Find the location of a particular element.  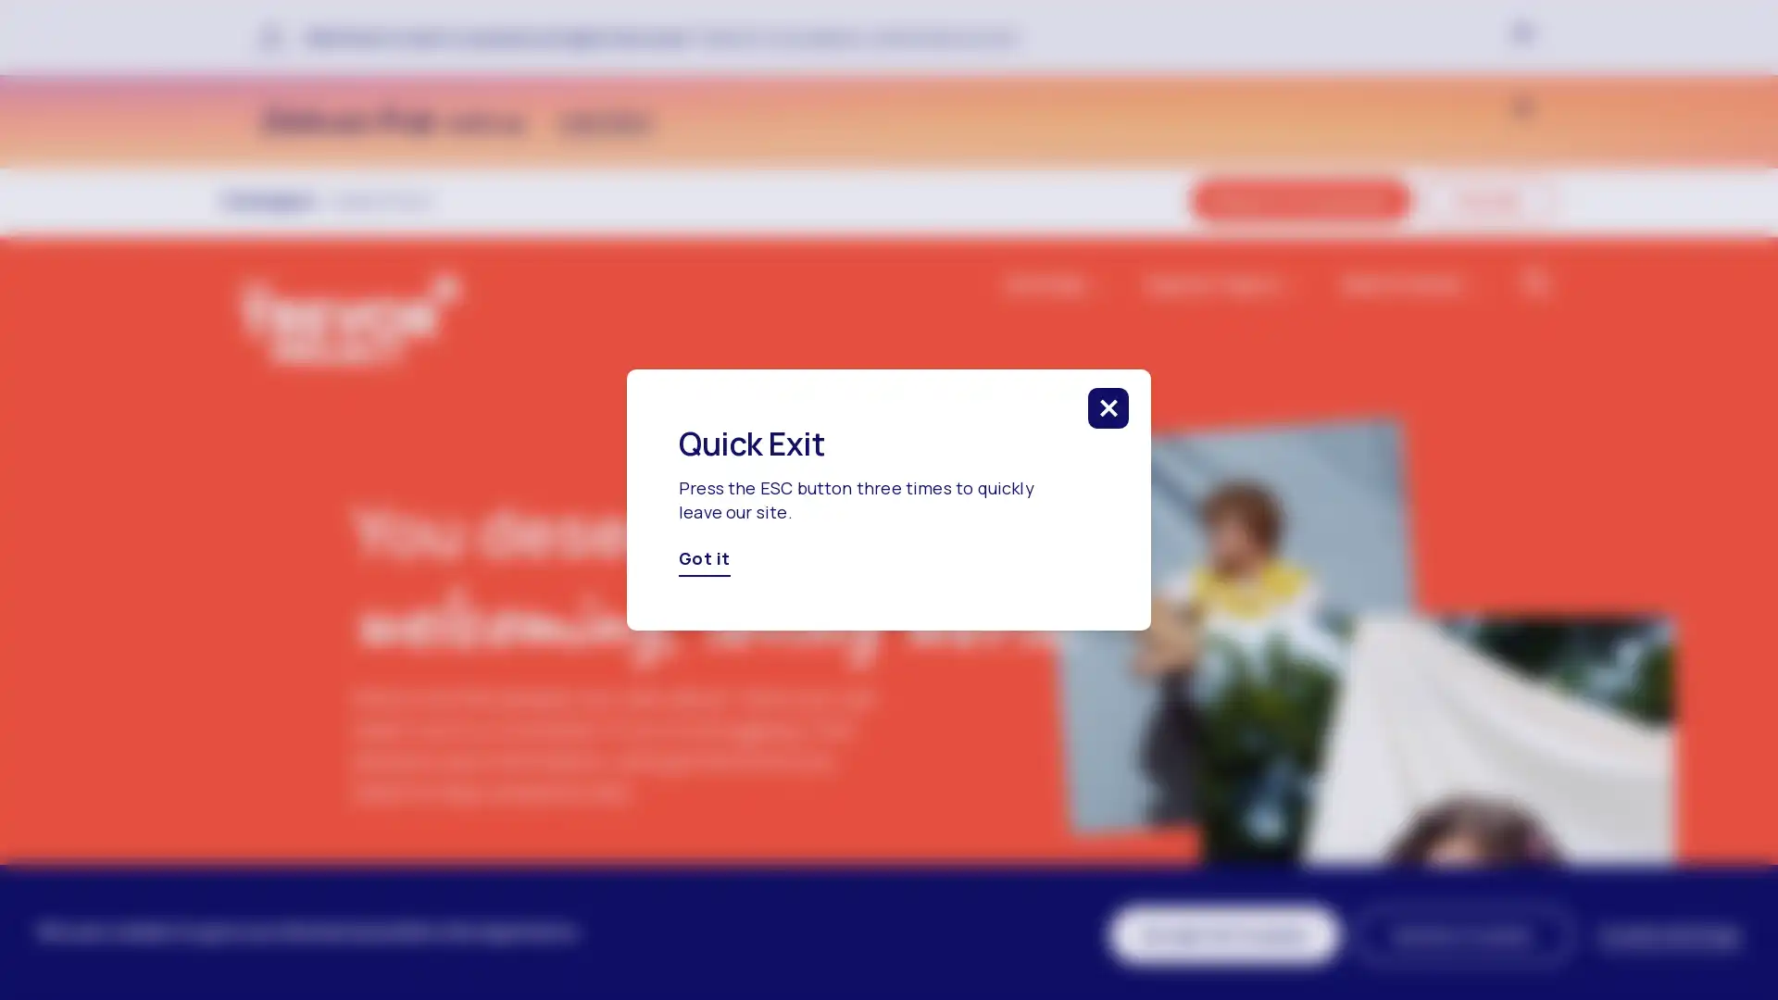

Decline Cookies is located at coordinates (1461, 935).